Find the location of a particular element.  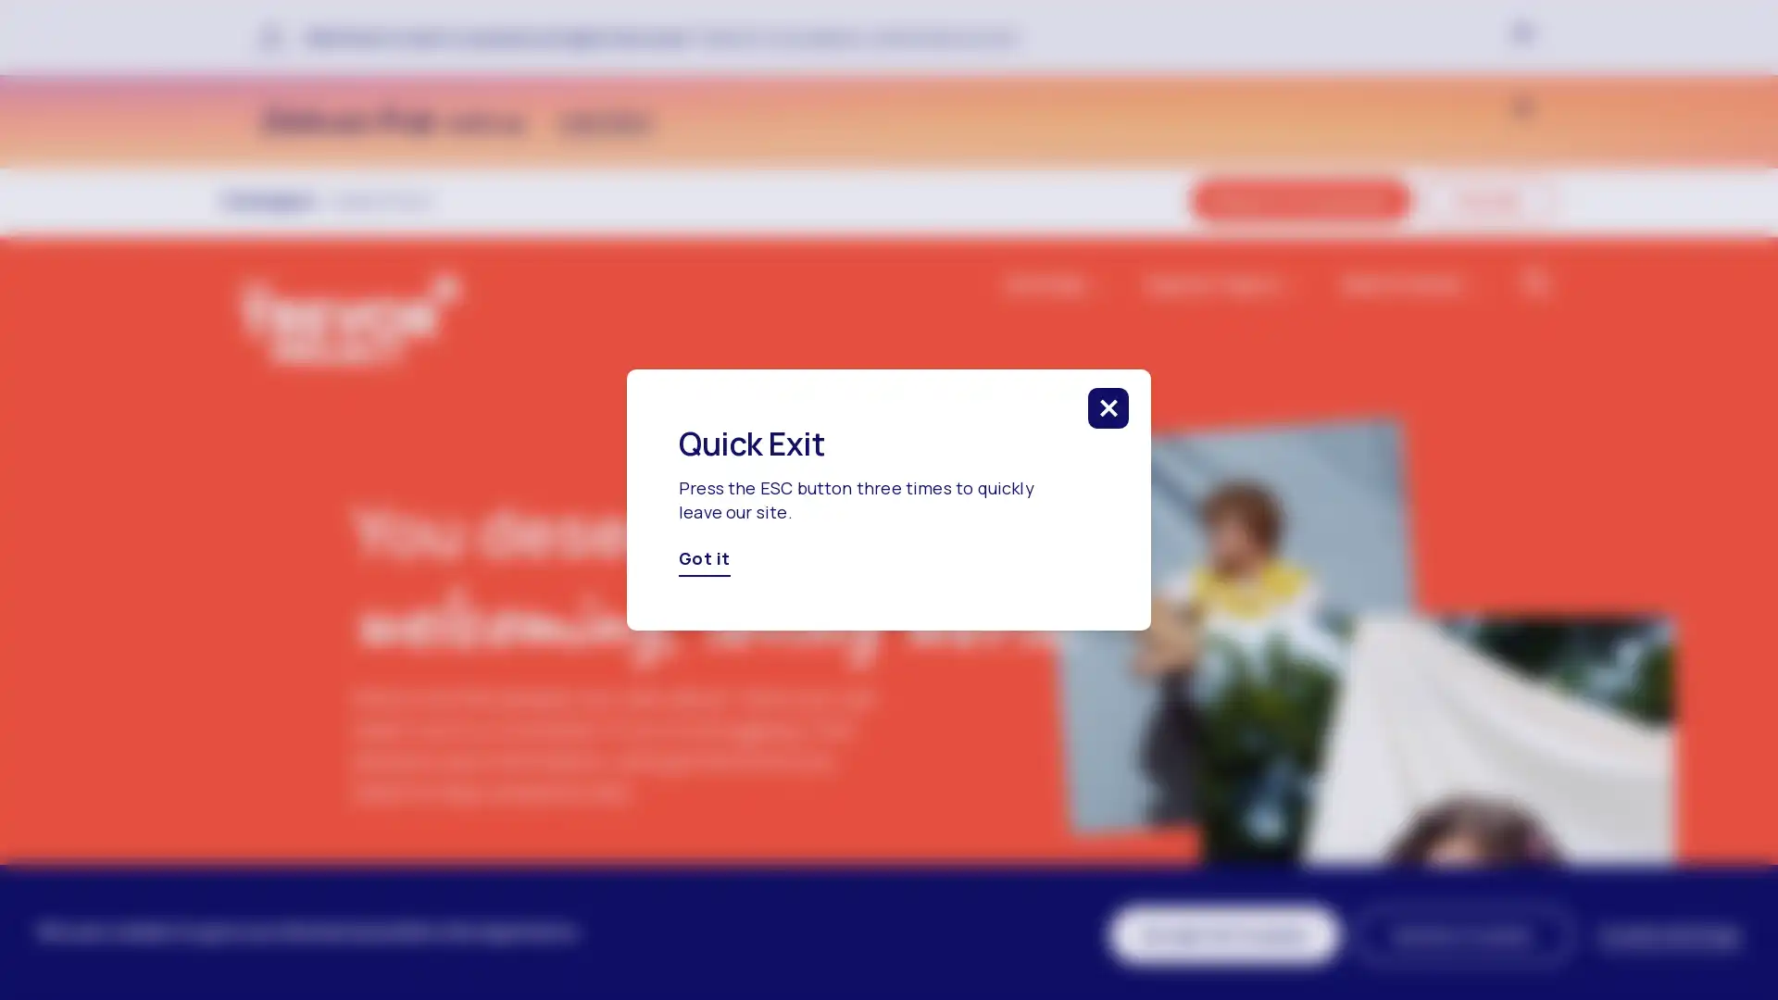

Decline Cookies is located at coordinates (1461, 935).